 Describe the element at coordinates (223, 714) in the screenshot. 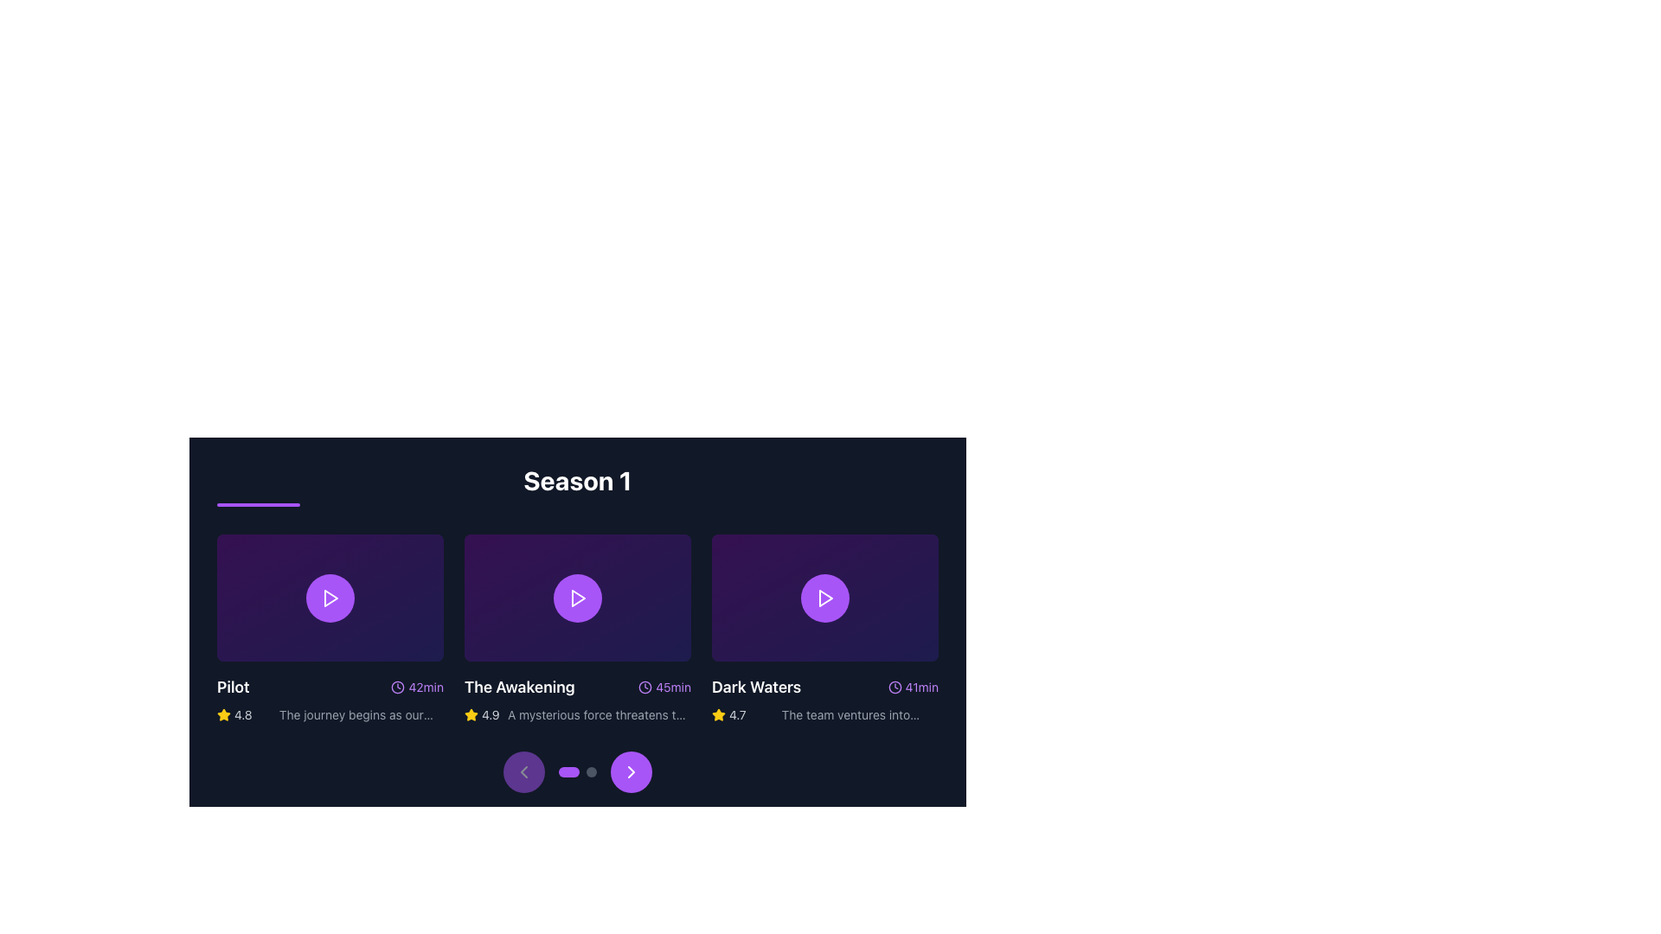

I see `the yellow star icon located in the rating section below the 'Pilot' episode card, to the left of the numeric rating value '4.8'` at that location.